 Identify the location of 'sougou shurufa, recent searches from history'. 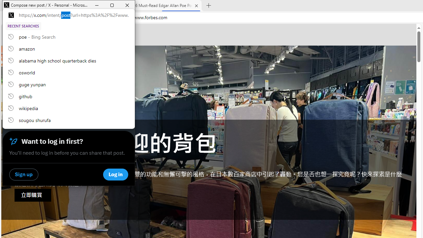
(69, 120).